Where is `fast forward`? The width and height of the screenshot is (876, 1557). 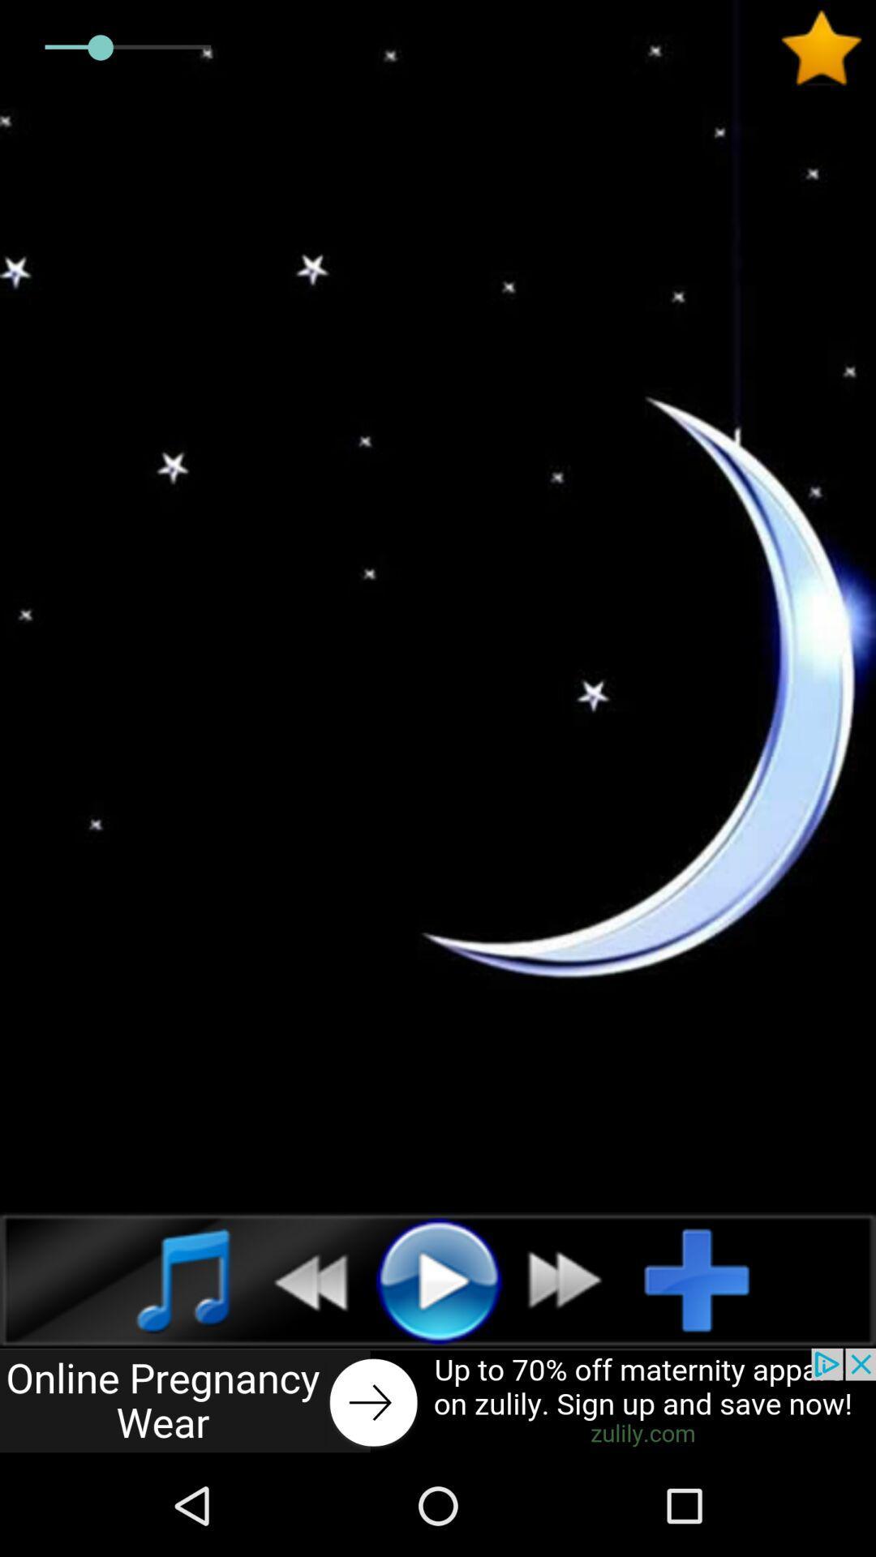 fast forward is located at coordinates (573, 1279).